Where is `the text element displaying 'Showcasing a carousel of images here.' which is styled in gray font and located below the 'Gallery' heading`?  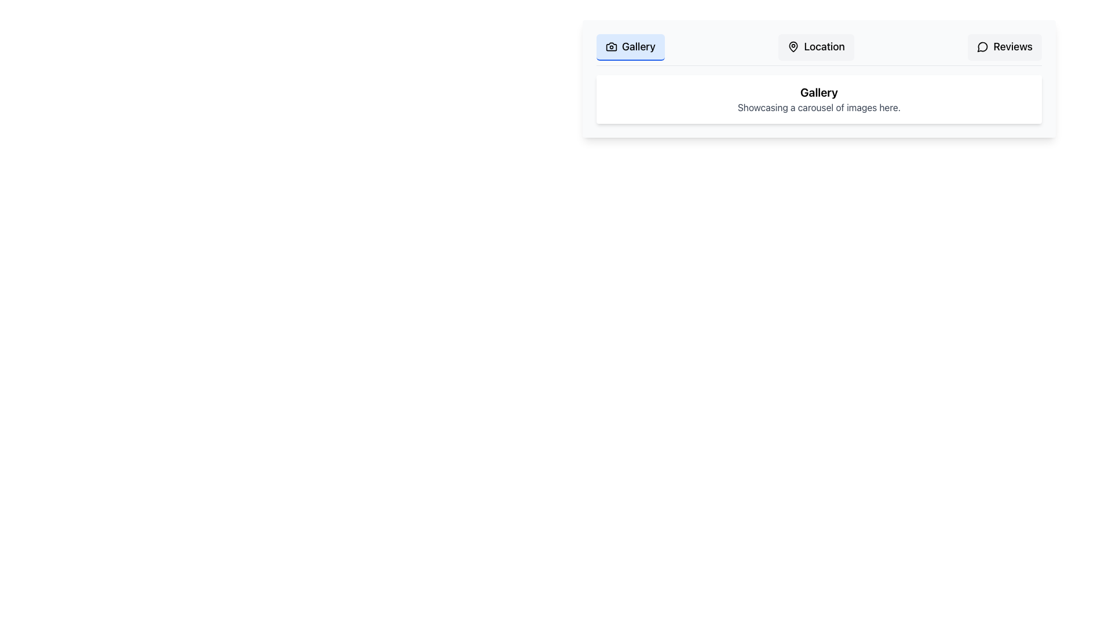 the text element displaying 'Showcasing a carousel of images here.' which is styled in gray font and located below the 'Gallery' heading is located at coordinates (818, 107).